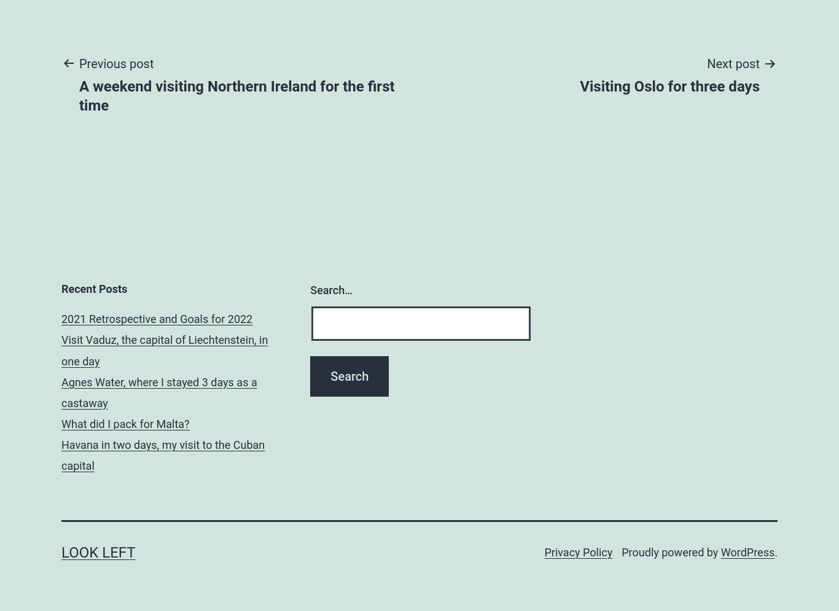  Describe the element at coordinates (61, 551) in the screenshot. I see `'Look Left'` at that location.